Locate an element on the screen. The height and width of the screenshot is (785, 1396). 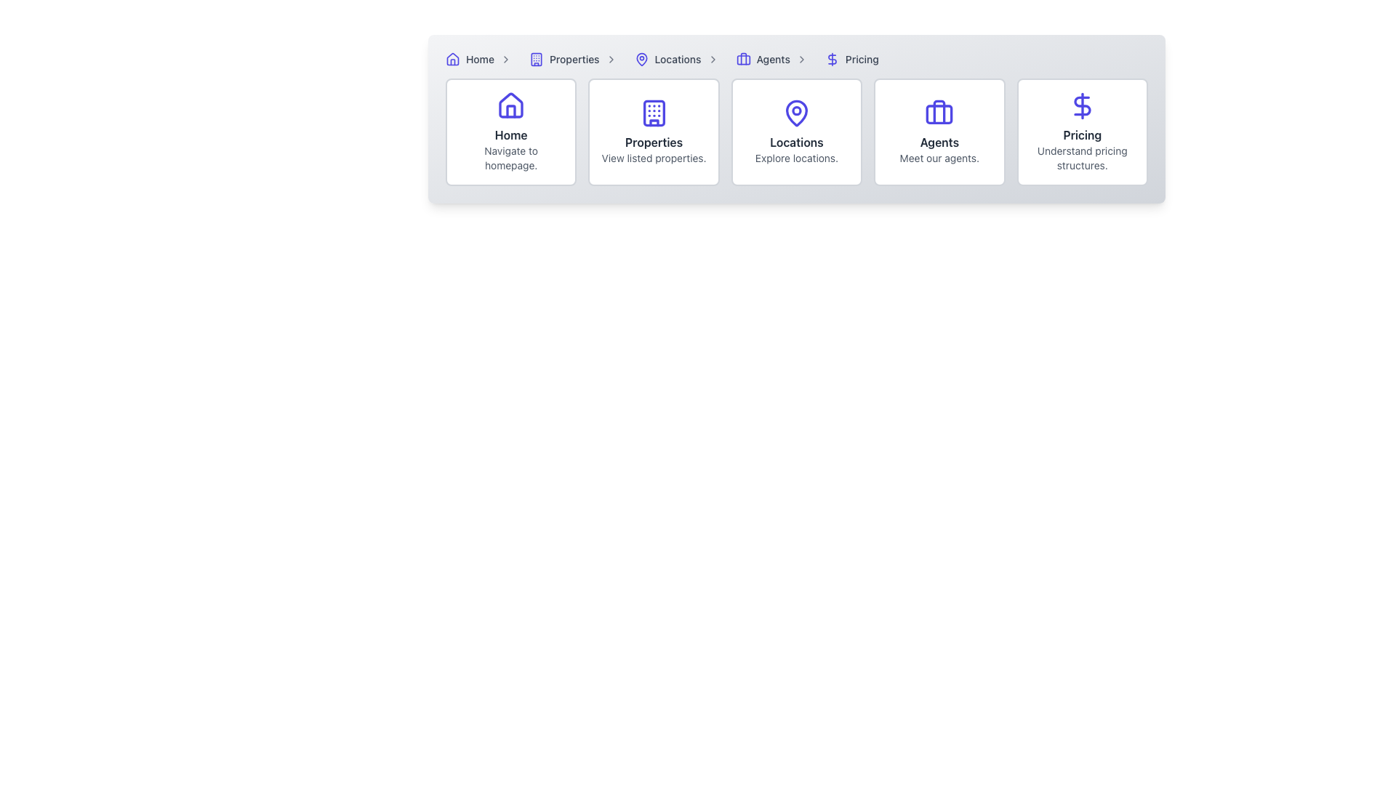
the chevron icon that serves as a visual separator in the breadcrumb navigation, positioned to the right of the 'Home' link is located at coordinates (506, 58).